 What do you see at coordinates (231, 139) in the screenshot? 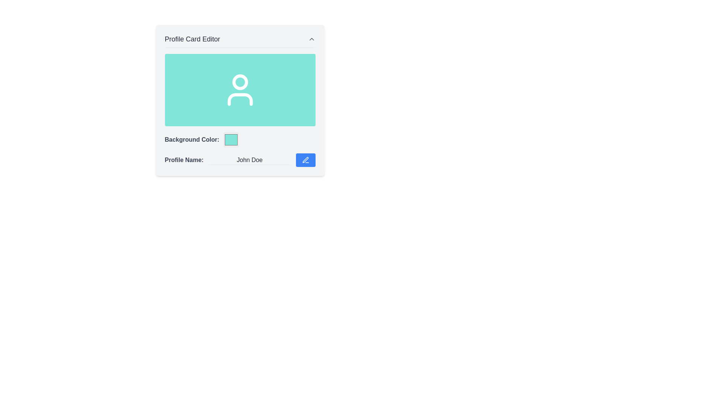
I see `the color picker element located` at bounding box center [231, 139].